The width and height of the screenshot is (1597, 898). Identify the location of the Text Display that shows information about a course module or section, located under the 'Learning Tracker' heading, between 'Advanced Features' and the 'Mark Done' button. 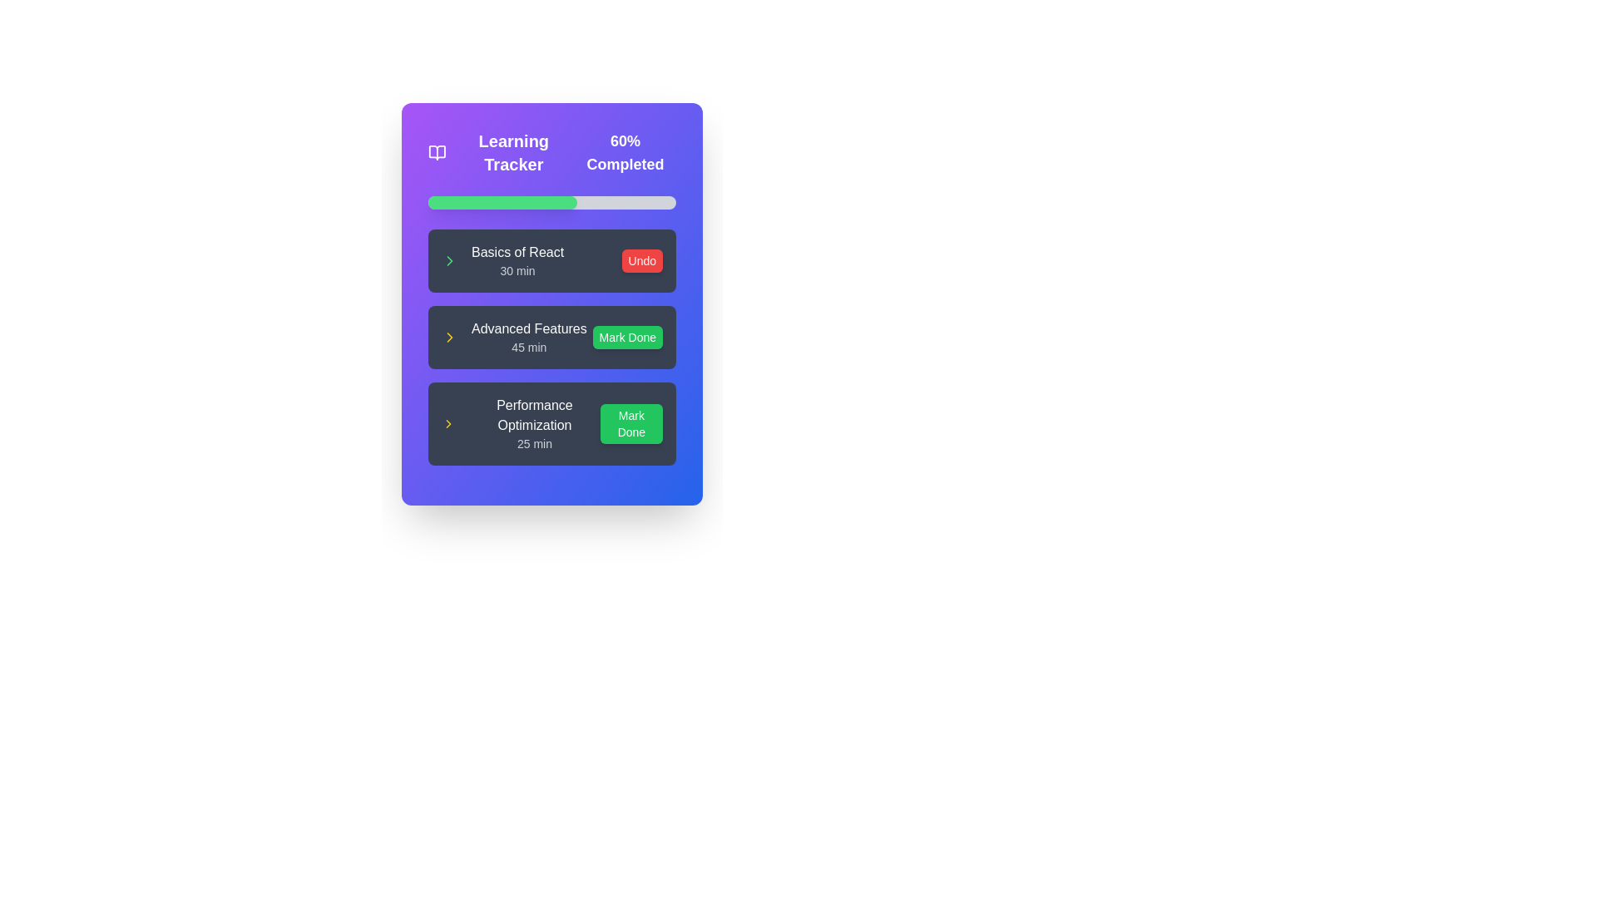
(535, 422).